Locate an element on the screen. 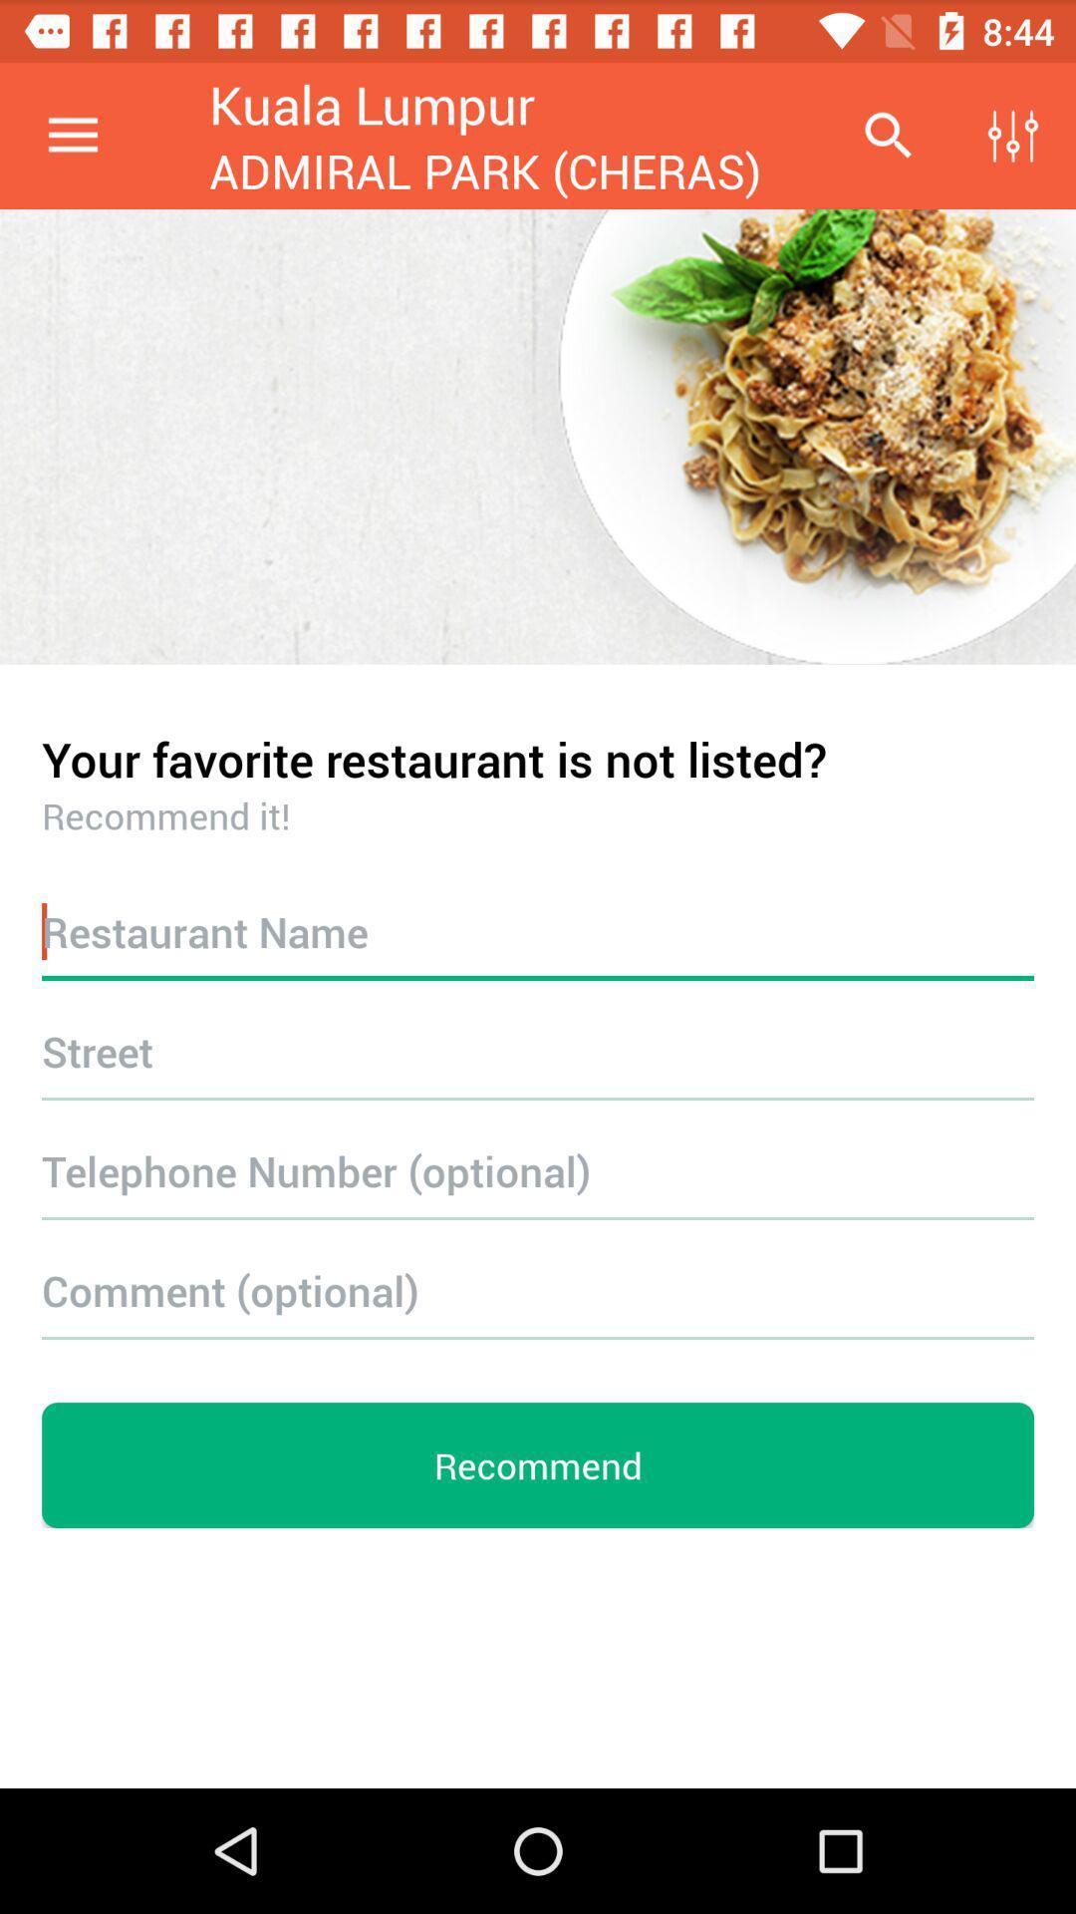  put street is located at coordinates (538, 1050).